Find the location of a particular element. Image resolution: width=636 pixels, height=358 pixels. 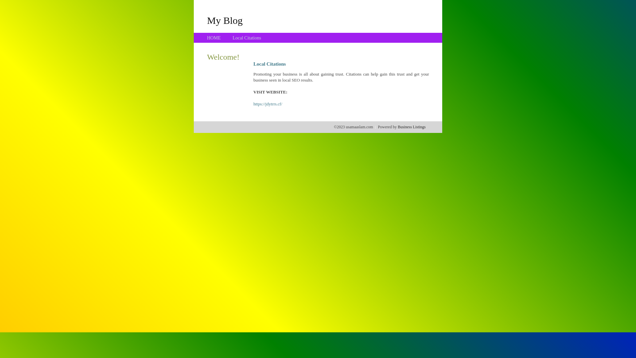

'Business Listings' is located at coordinates (411, 127).